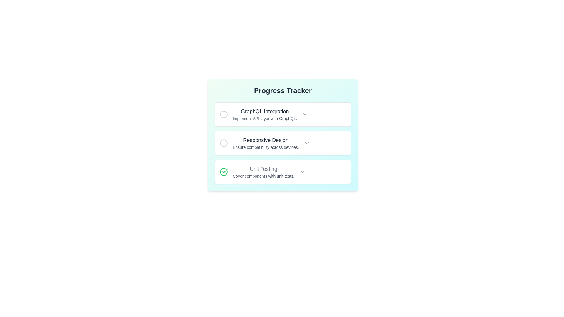 Image resolution: width=564 pixels, height=317 pixels. I want to click on the checkbox located at the top left corner of the card containing the text 'GraphQL Integration', so click(224, 114).